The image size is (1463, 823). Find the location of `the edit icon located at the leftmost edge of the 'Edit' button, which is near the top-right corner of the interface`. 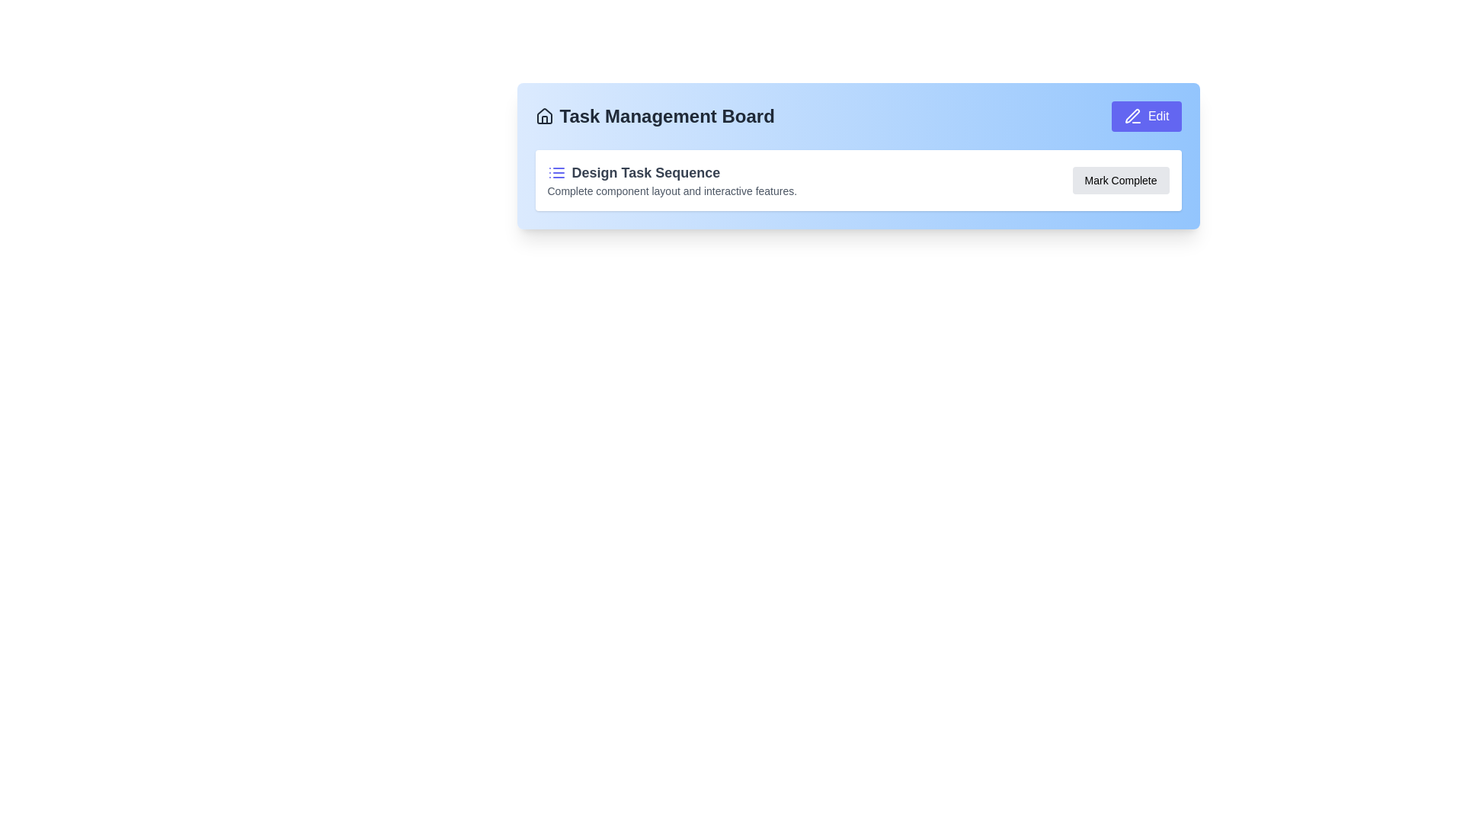

the edit icon located at the leftmost edge of the 'Edit' button, which is near the top-right corner of the interface is located at coordinates (1132, 116).